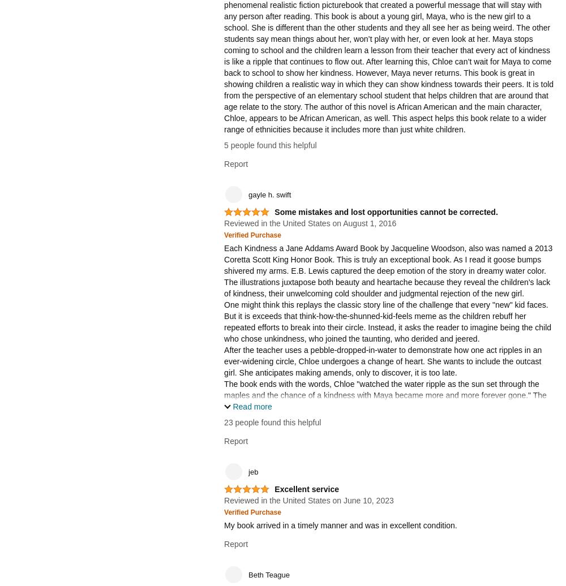 This screenshot has height=586, width=566. What do you see at coordinates (307, 489) in the screenshot?
I see `'Excellent service'` at bounding box center [307, 489].